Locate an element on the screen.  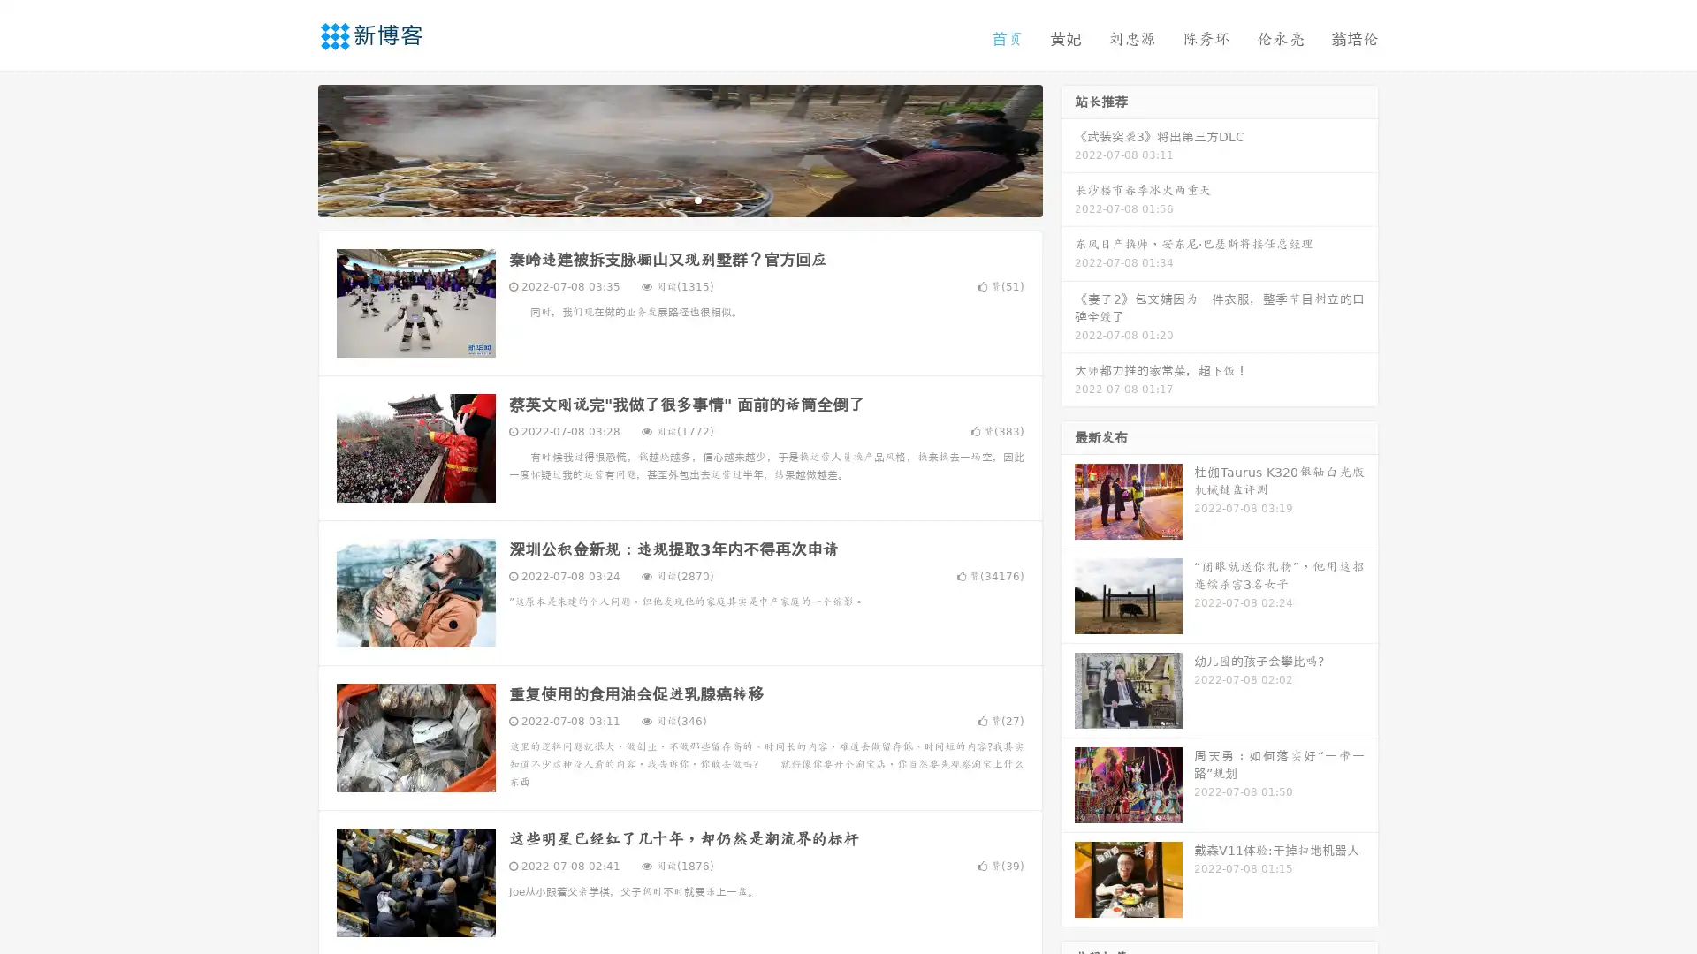
Go to slide 1 is located at coordinates (661, 199).